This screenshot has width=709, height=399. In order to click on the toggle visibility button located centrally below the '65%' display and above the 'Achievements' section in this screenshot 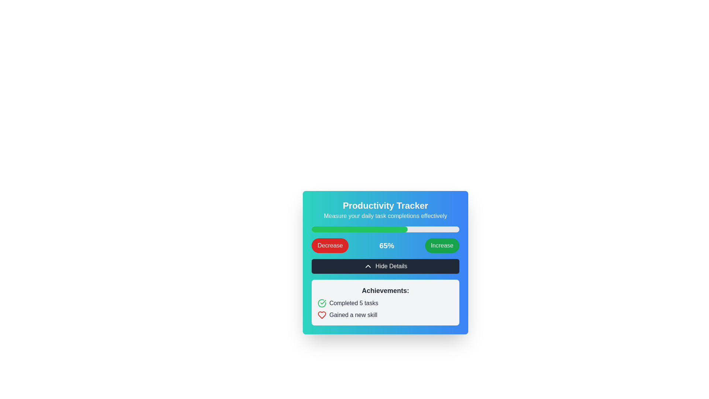, I will do `click(385, 266)`.